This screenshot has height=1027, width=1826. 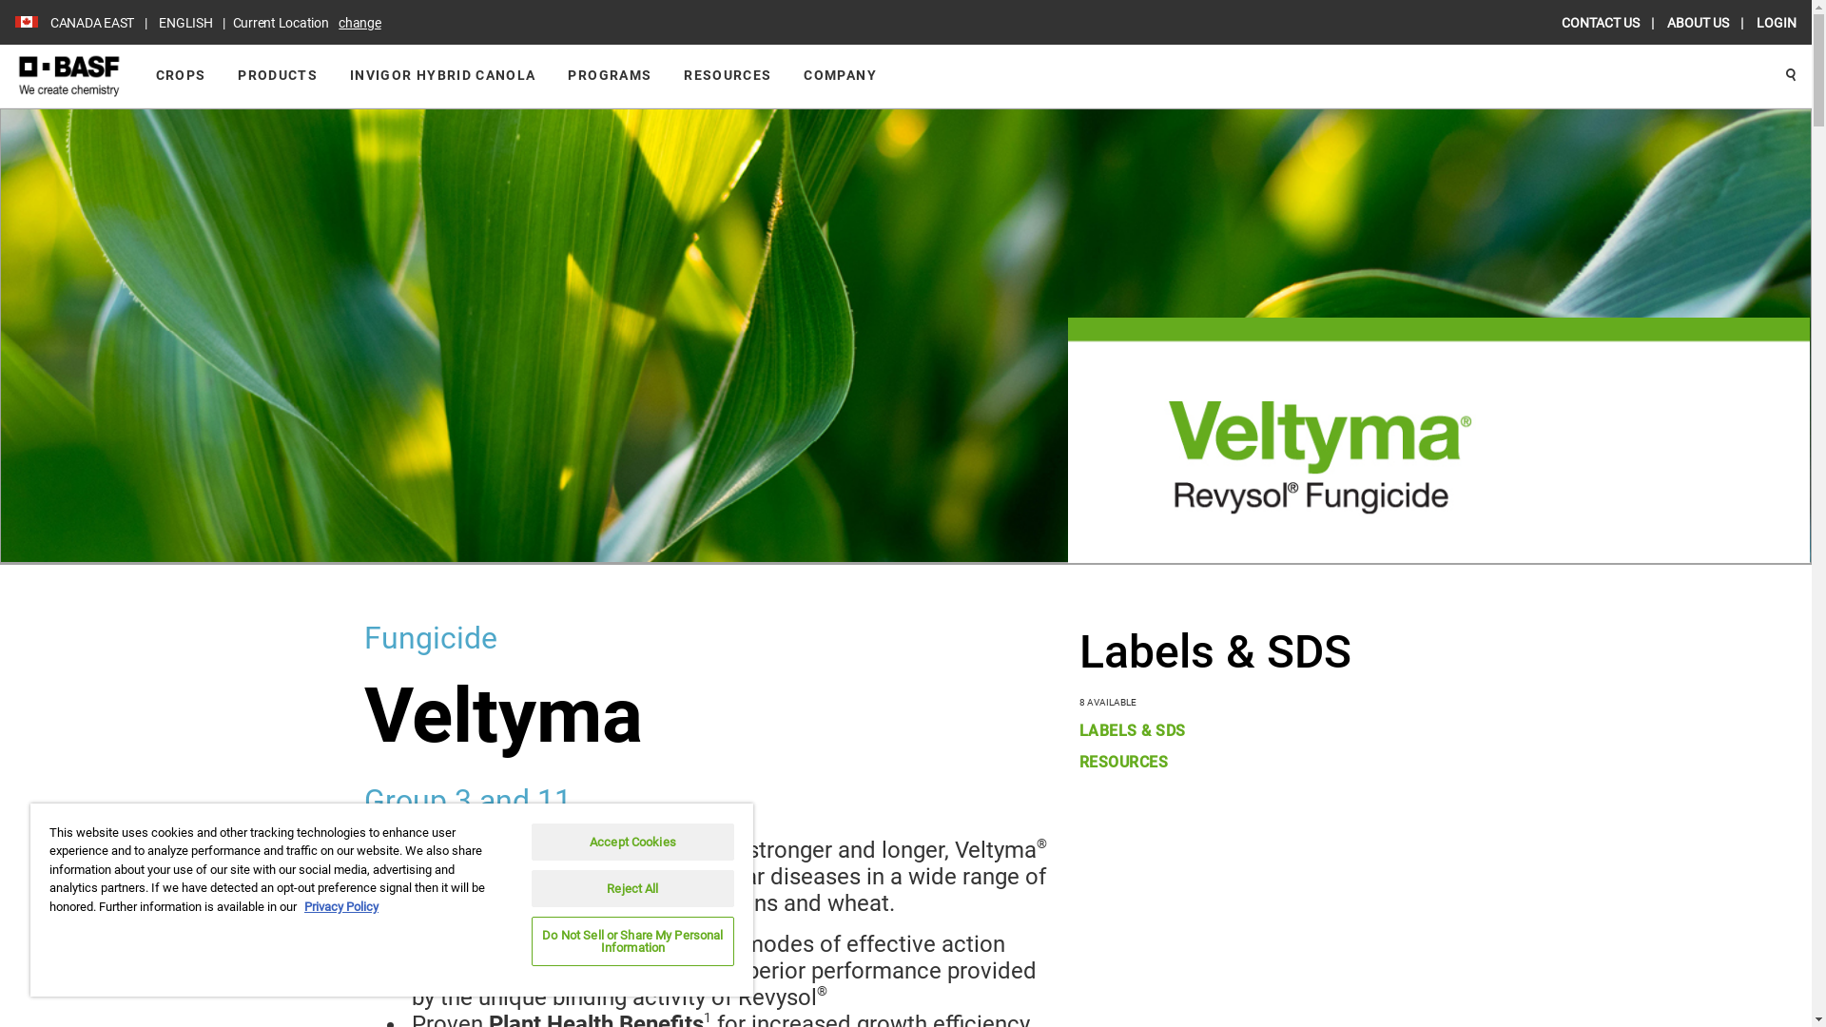 What do you see at coordinates (149, 22) in the screenshot?
I see `'ENGLISH'` at bounding box center [149, 22].